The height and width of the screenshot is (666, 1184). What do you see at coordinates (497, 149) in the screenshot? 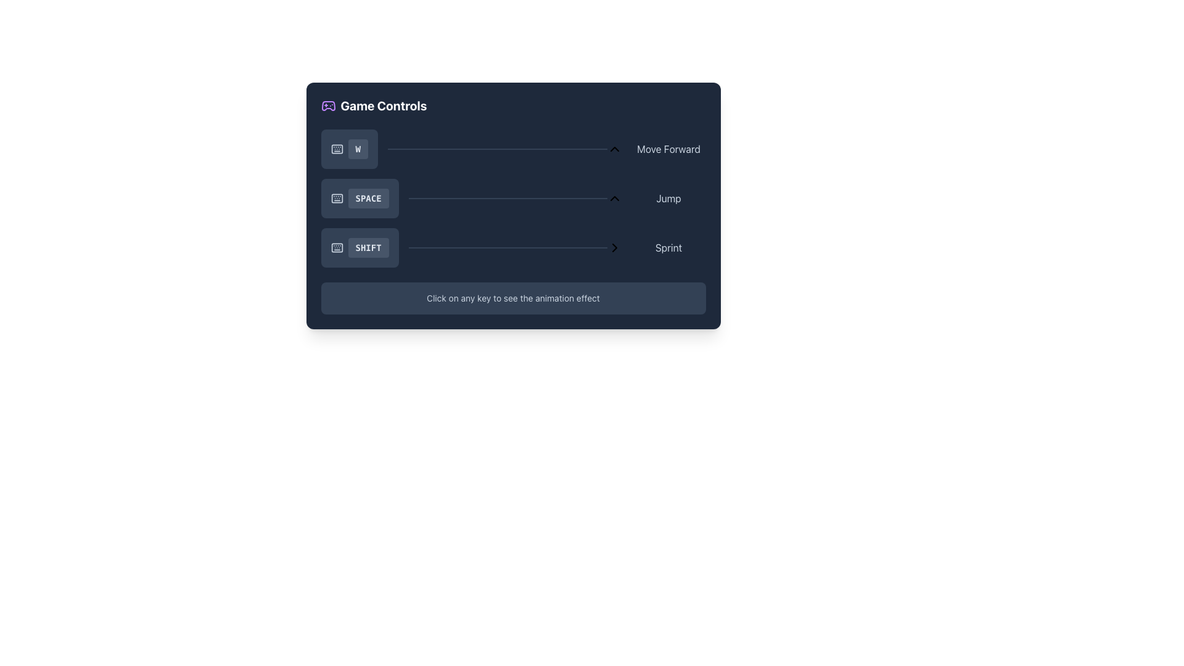
I see `the progress bar, which is a visual indicator located horizontally next to the 'W' button and above the 'SPACE' button controls` at bounding box center [497, 149].